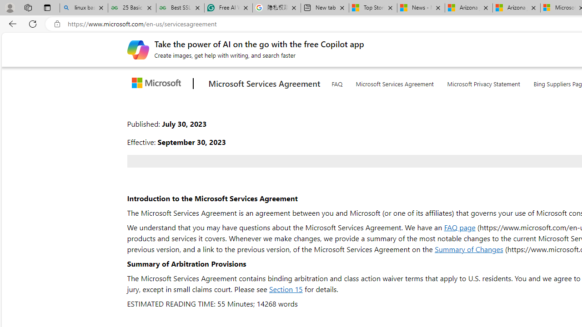 Image resolution: width=582 pixels, height=327 pixels. Describe the element at coordinates (421, 8) in the screenshot. I see `'News - MSN'` at that location.